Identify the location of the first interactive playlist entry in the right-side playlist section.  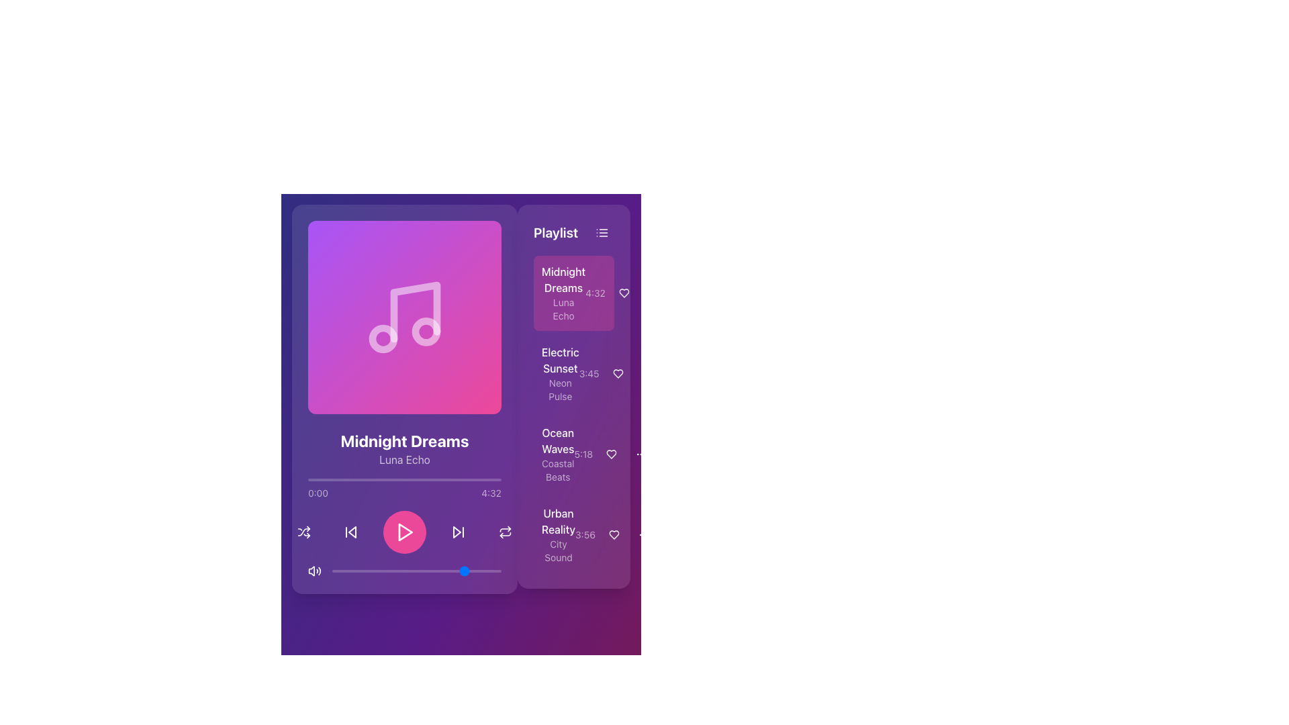
(573, 292).